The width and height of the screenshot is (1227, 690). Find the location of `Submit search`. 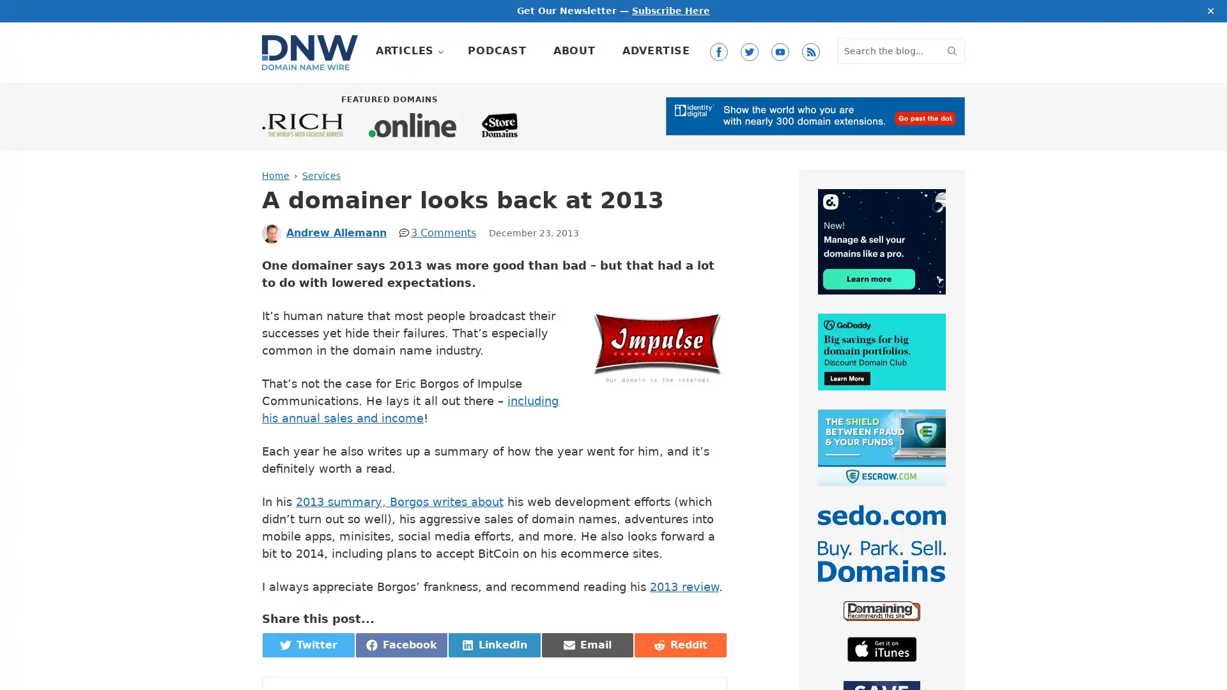

Submit search is located at coordinates (952, 49).